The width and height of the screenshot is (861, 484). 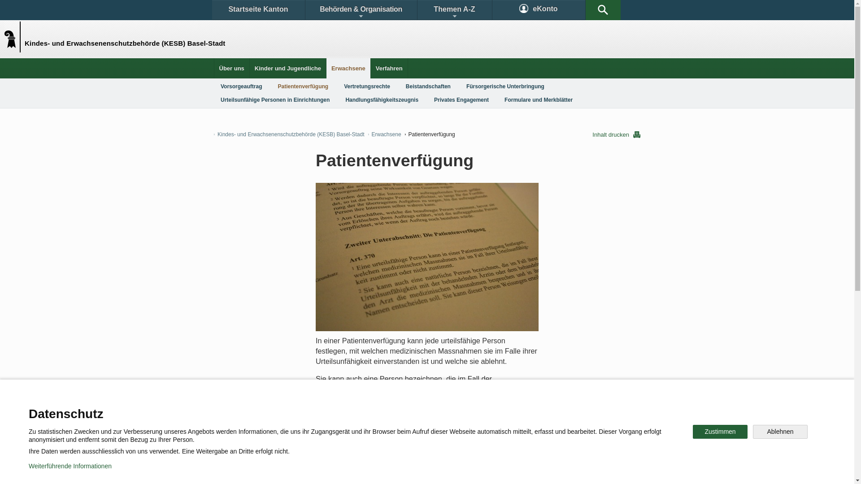 What do you see at coordinates (367, 86) in the screenshot?
I see `'Vertretungsrechte'` at bounding box center [367, 86].